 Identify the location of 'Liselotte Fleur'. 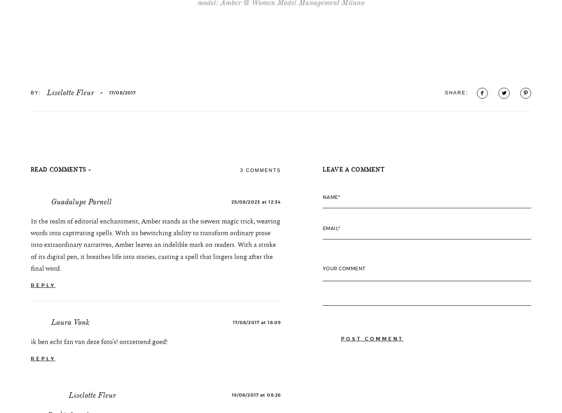
(70, 145).